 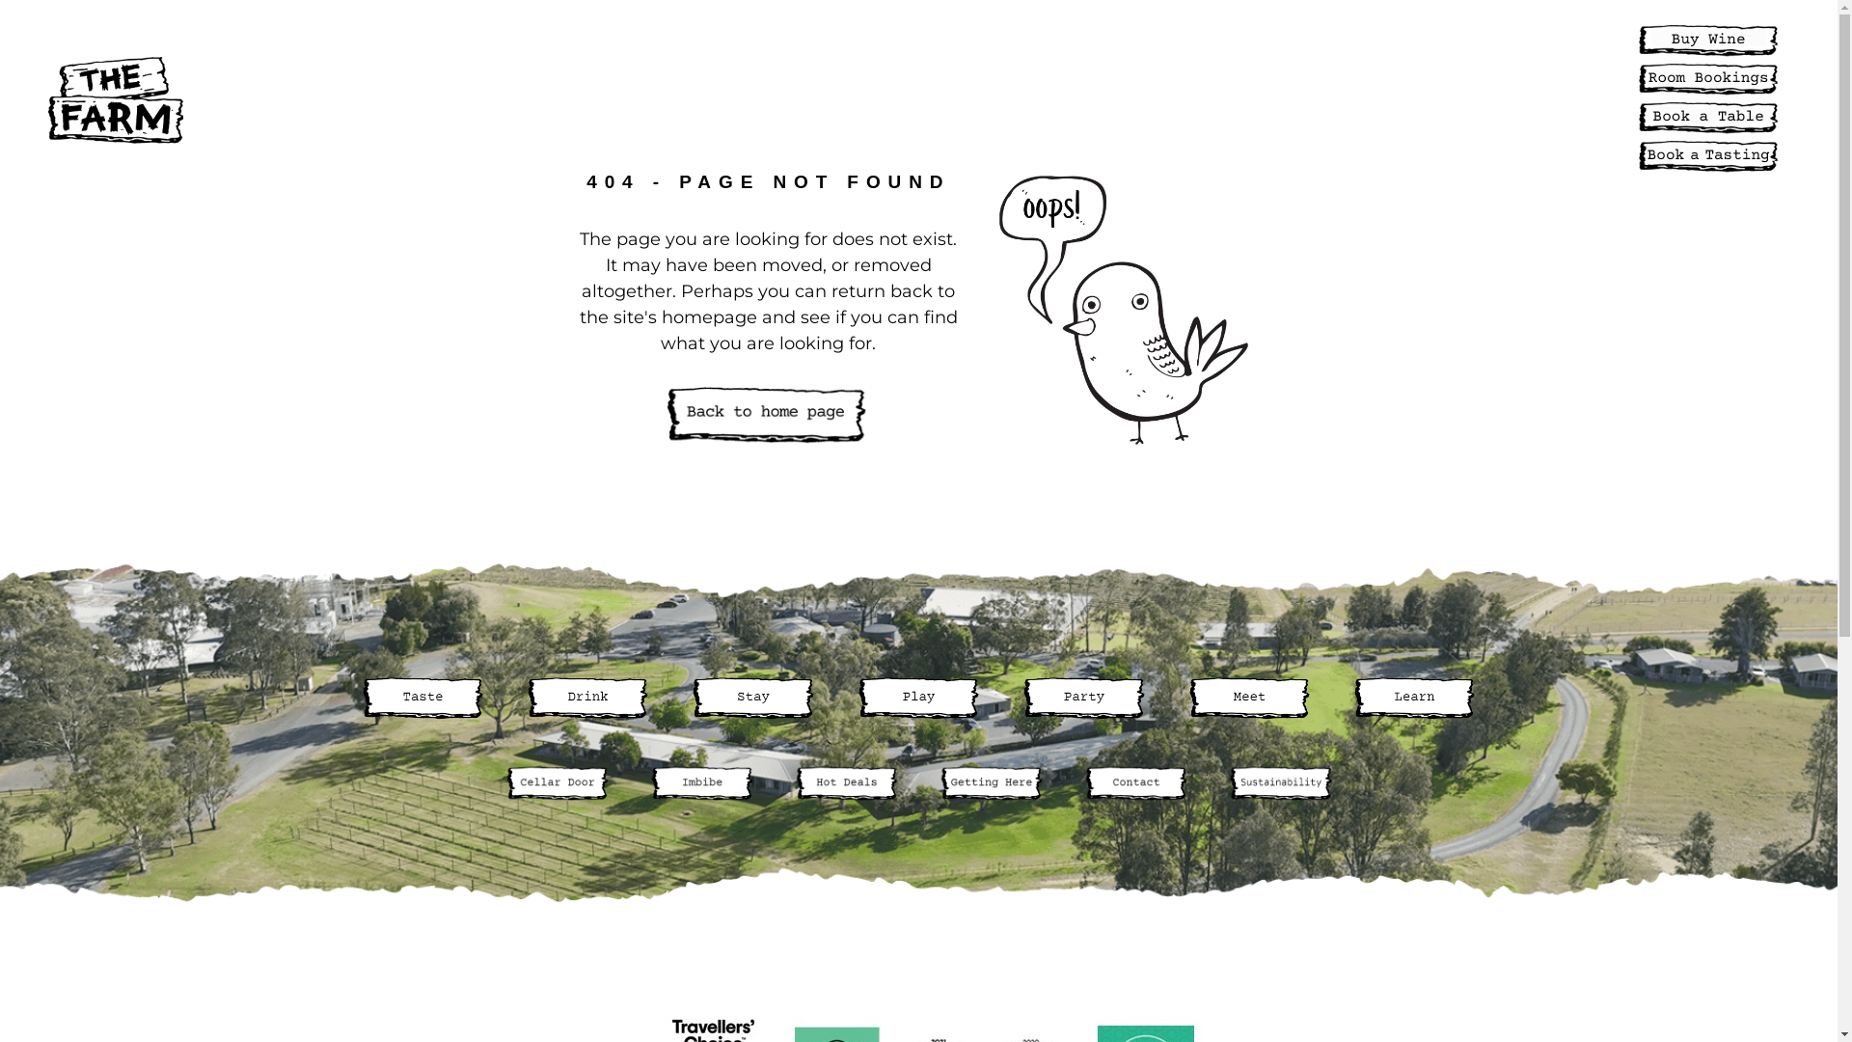 What do you see at coordinates (917, 697) in the screenshot?
I see `'Play-6'` at bounding box center [917, 697].